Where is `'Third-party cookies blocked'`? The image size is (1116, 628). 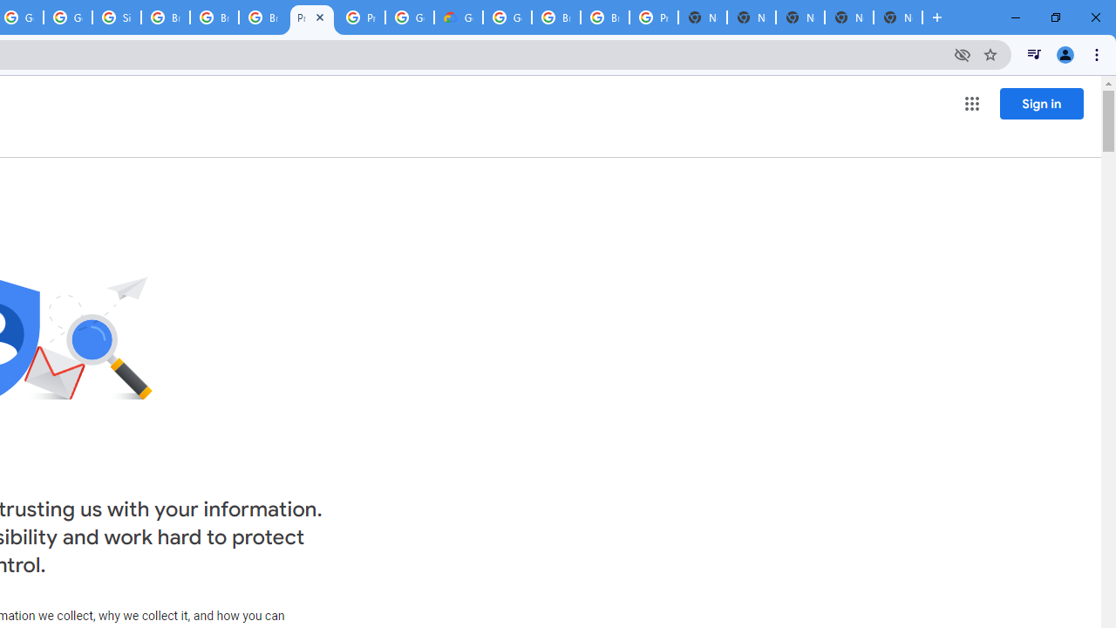
'Third-party cookies blocked' is located at coordinates (962, 53).